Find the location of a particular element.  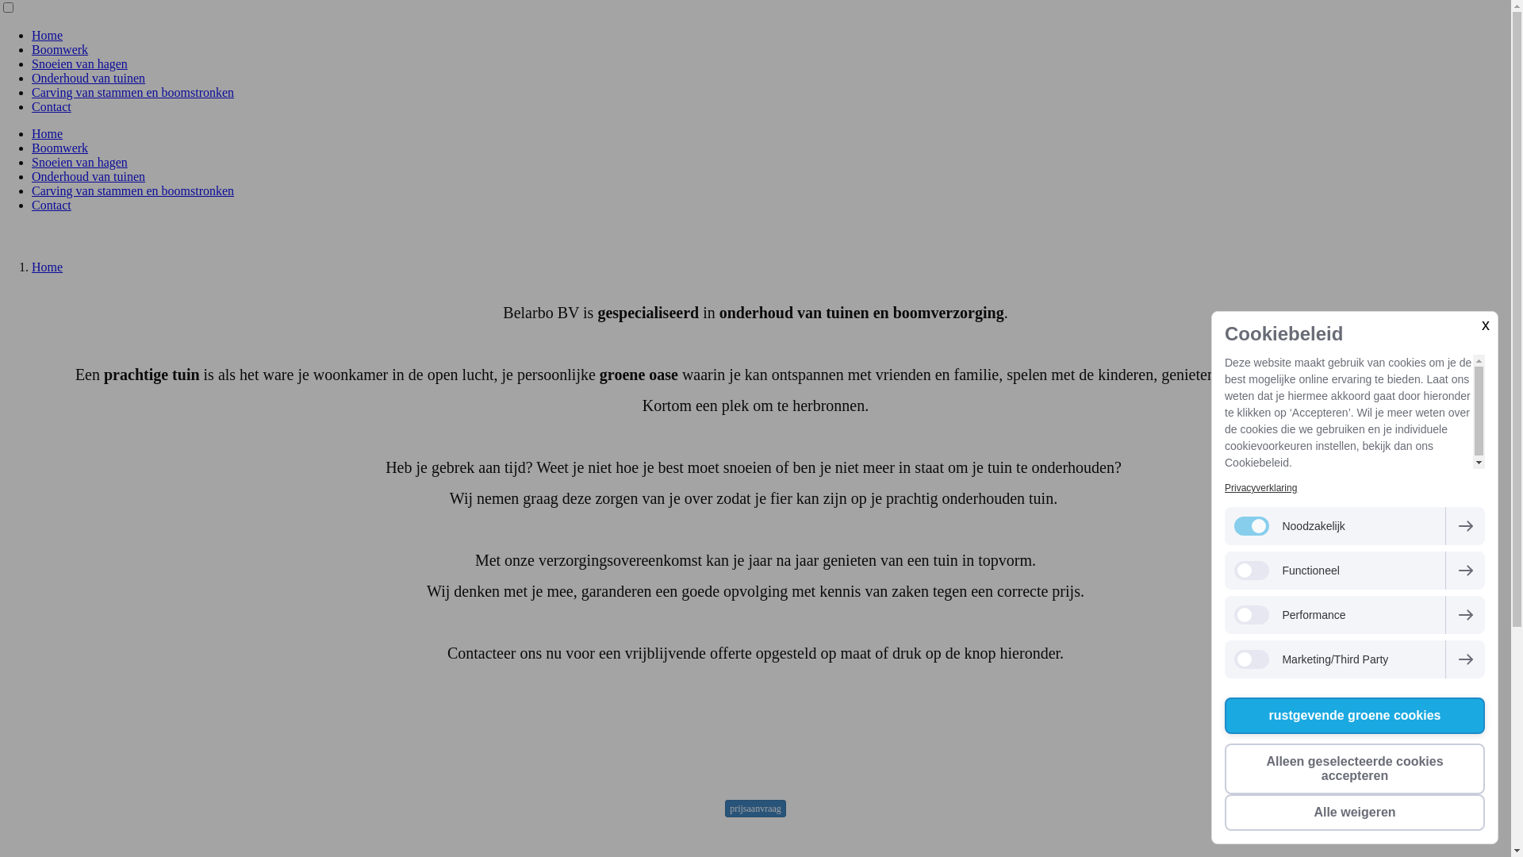

'Home' is located at coordinates (47, 266).